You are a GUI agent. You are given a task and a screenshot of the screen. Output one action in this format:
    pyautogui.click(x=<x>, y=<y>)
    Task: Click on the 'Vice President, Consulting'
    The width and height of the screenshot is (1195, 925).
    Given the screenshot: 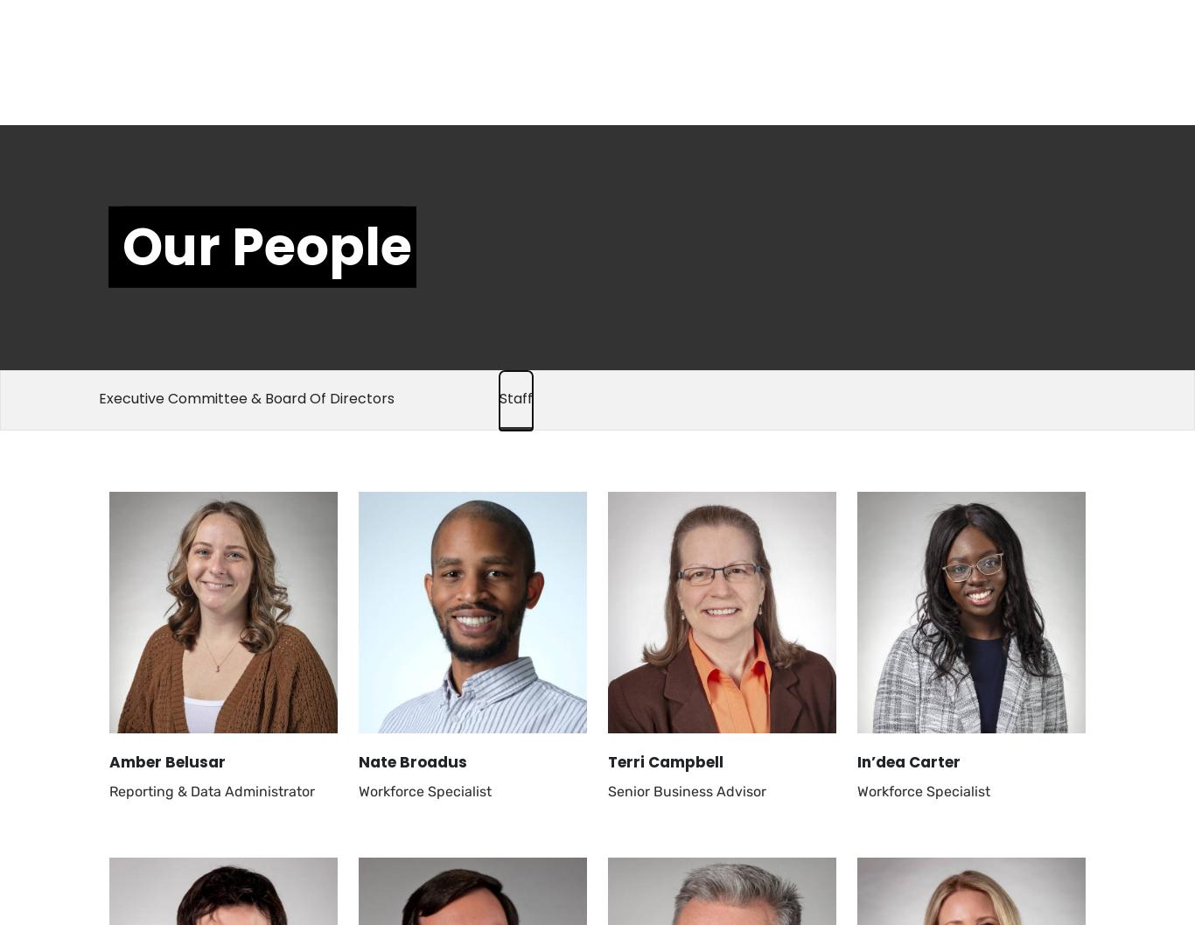 What is the action you would take?
    pyautogui.click(x=943, y=85)
    